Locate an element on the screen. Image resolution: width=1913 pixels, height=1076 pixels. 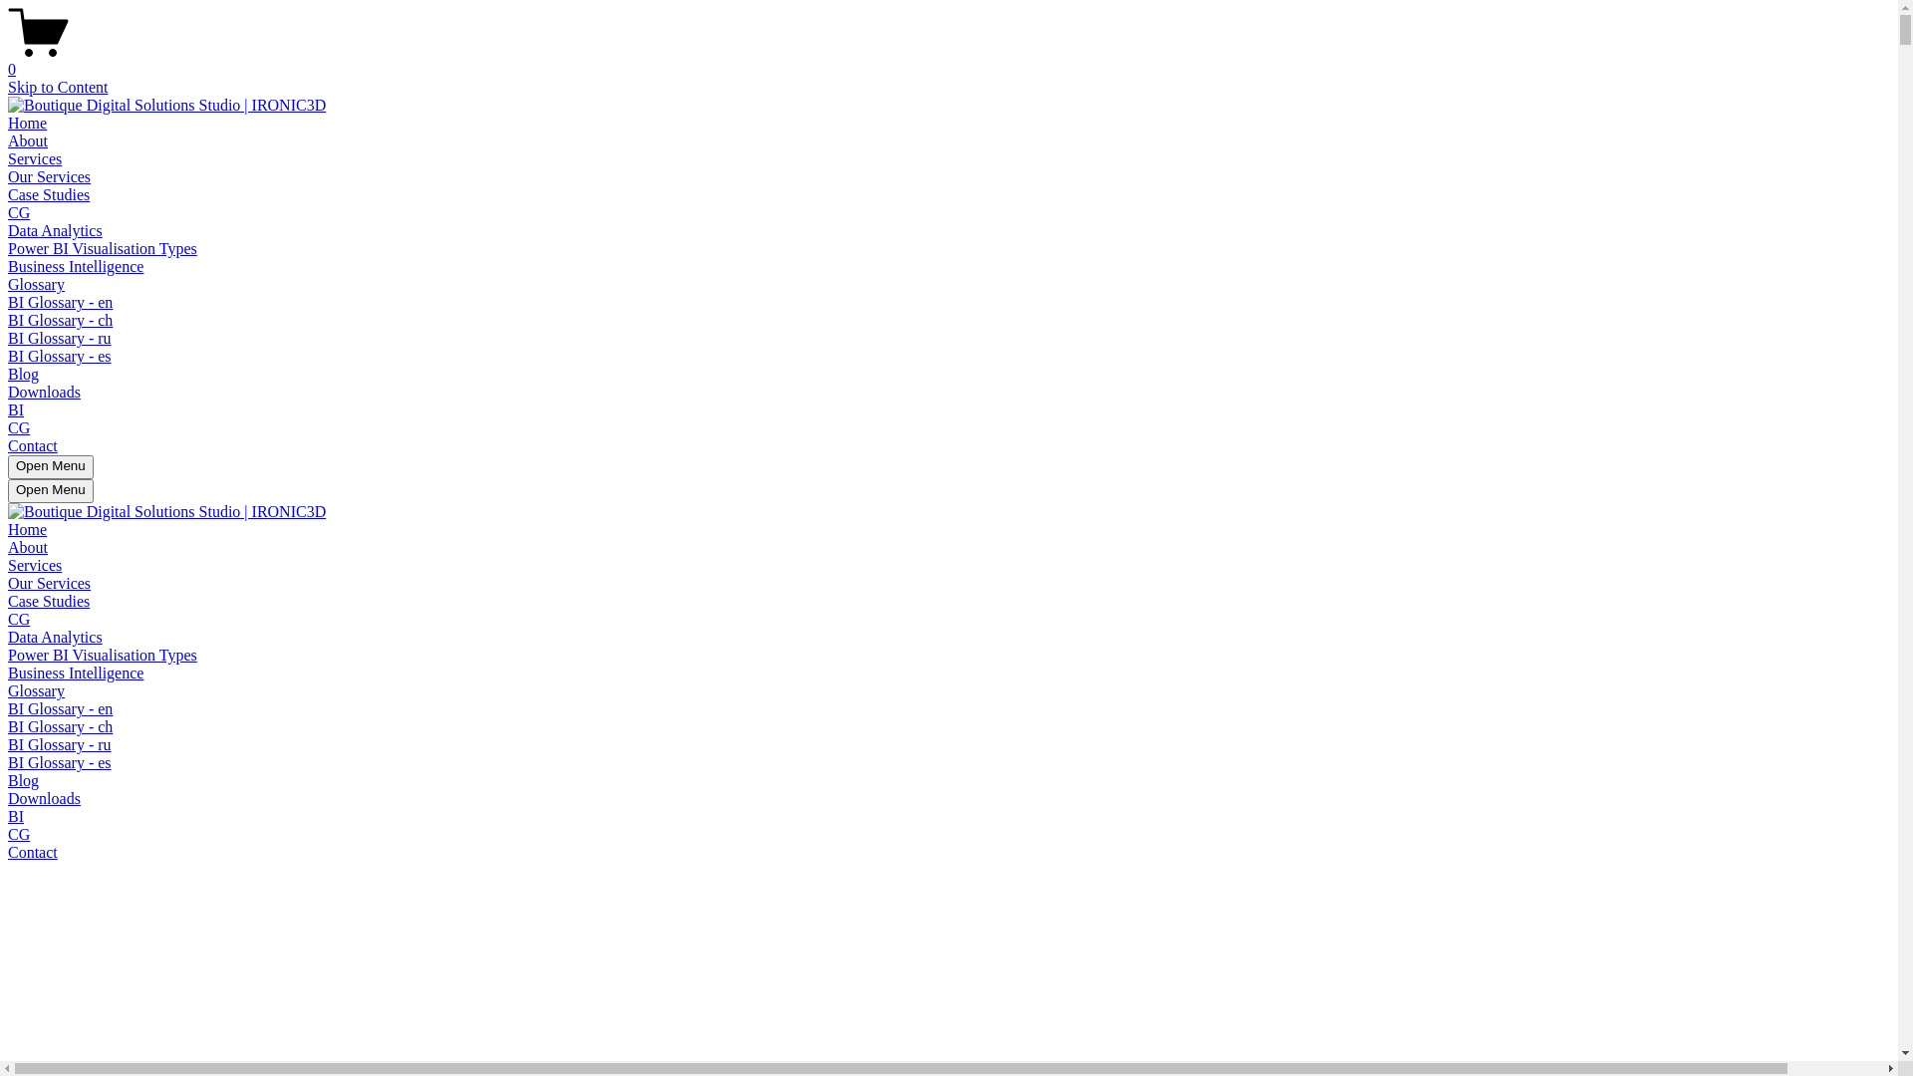
'Our Services' is located at coordinates (8, 175).